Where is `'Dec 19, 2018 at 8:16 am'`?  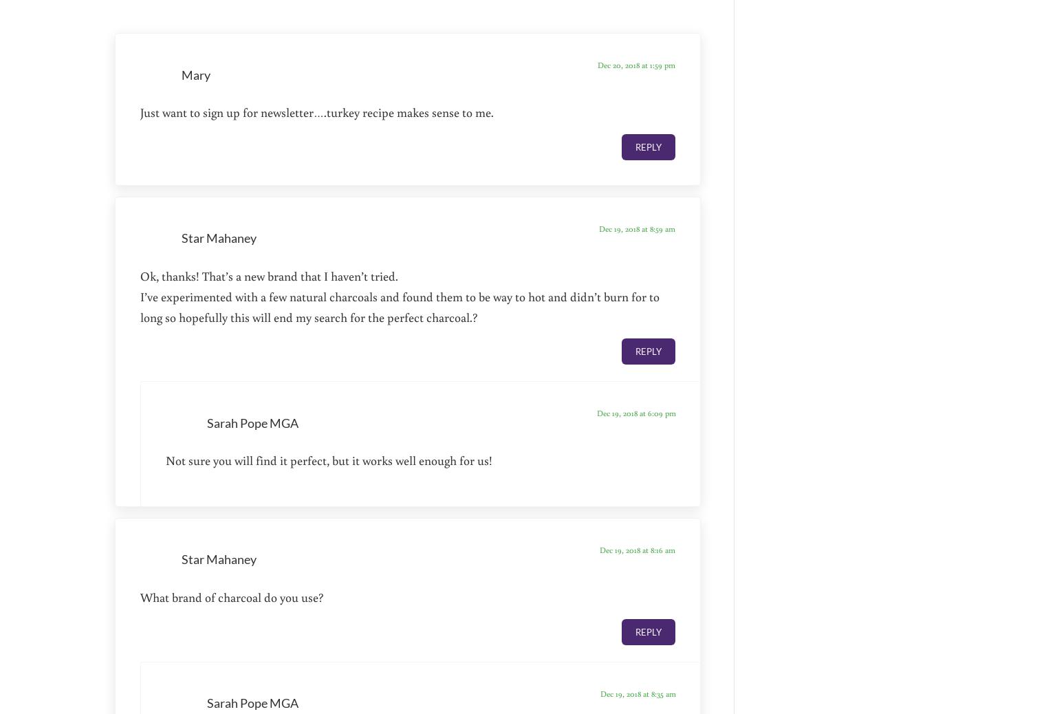 'Dec 19, 2018 at 8:16 am' is located at coordinates (636, 550).